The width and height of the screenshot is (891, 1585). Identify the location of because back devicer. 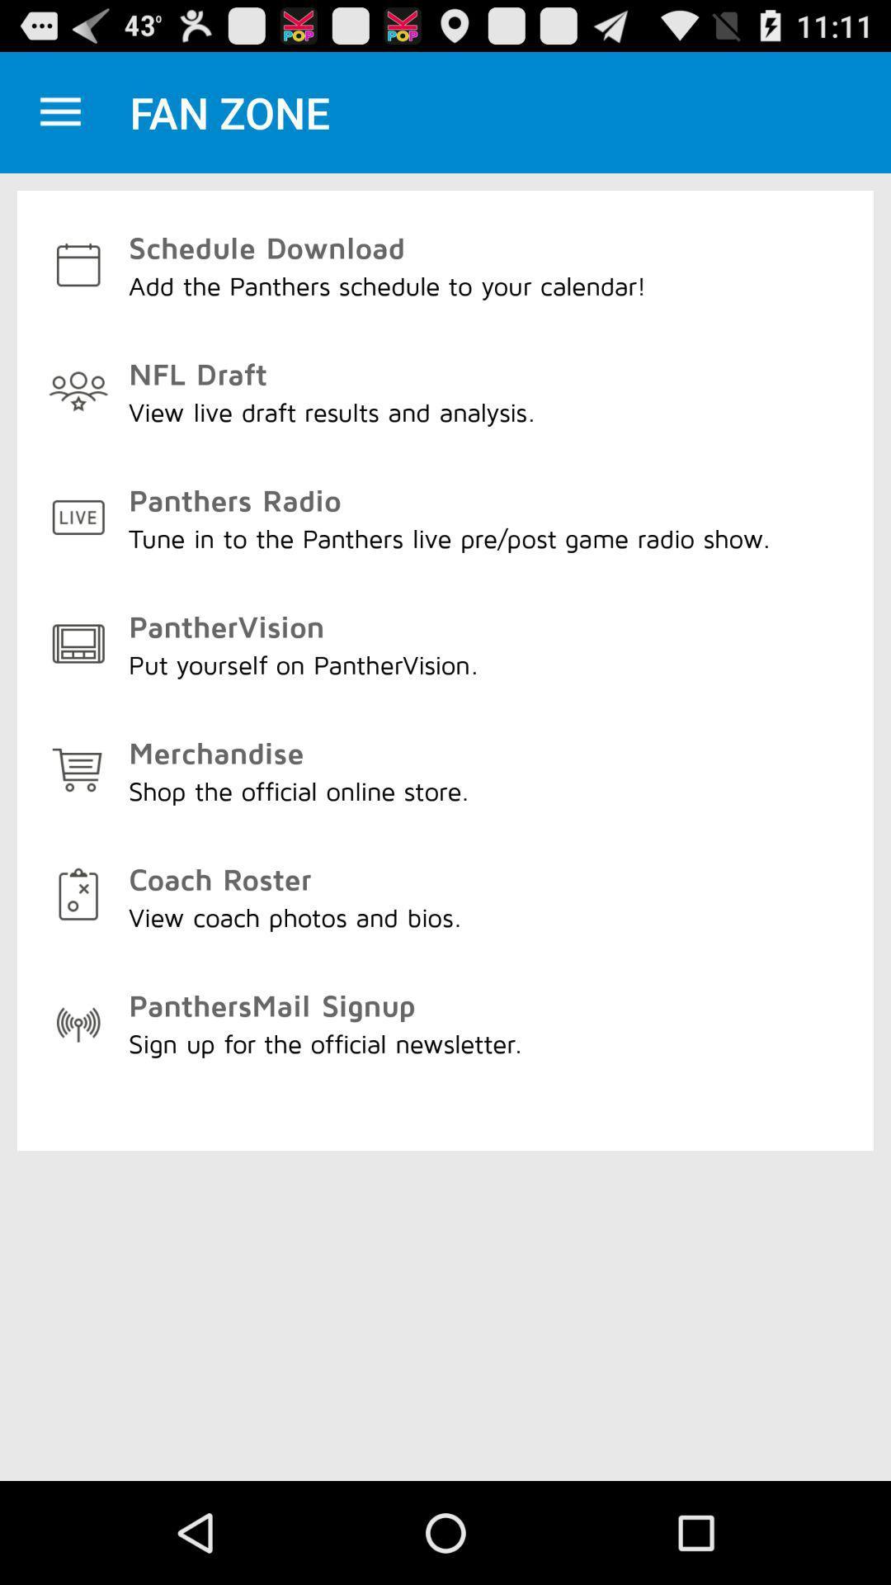
(59, 111).